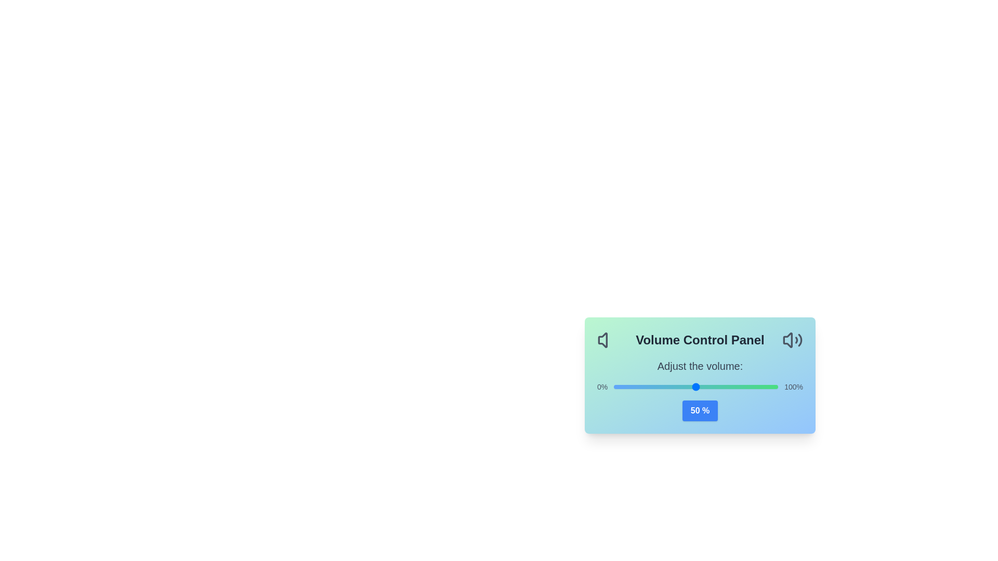 The image size is (998, 561). I want to click on the volume slider to 31%, so click(664, 386).